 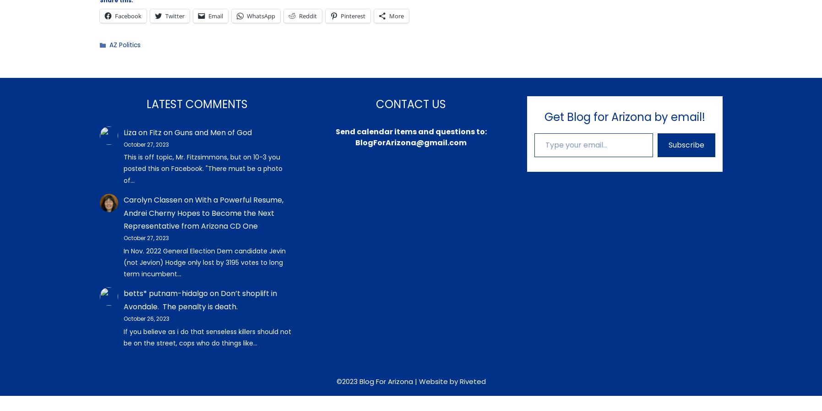 What do you see at coordinates (127, 15) in the screenshot?
I see `'Facebook'` at bounding box center [127, 15].